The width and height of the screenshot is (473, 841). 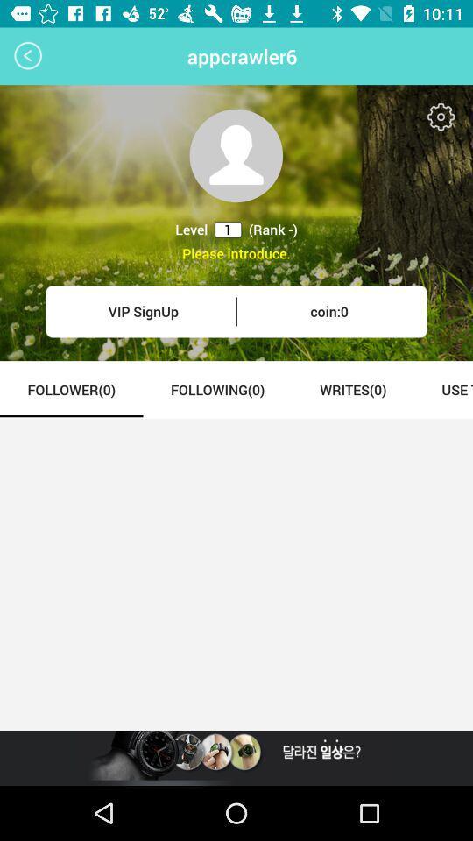 What do you see at coordinates (236, 154) in the screenshot?
I see `profile` at bounding box center [236, 154].